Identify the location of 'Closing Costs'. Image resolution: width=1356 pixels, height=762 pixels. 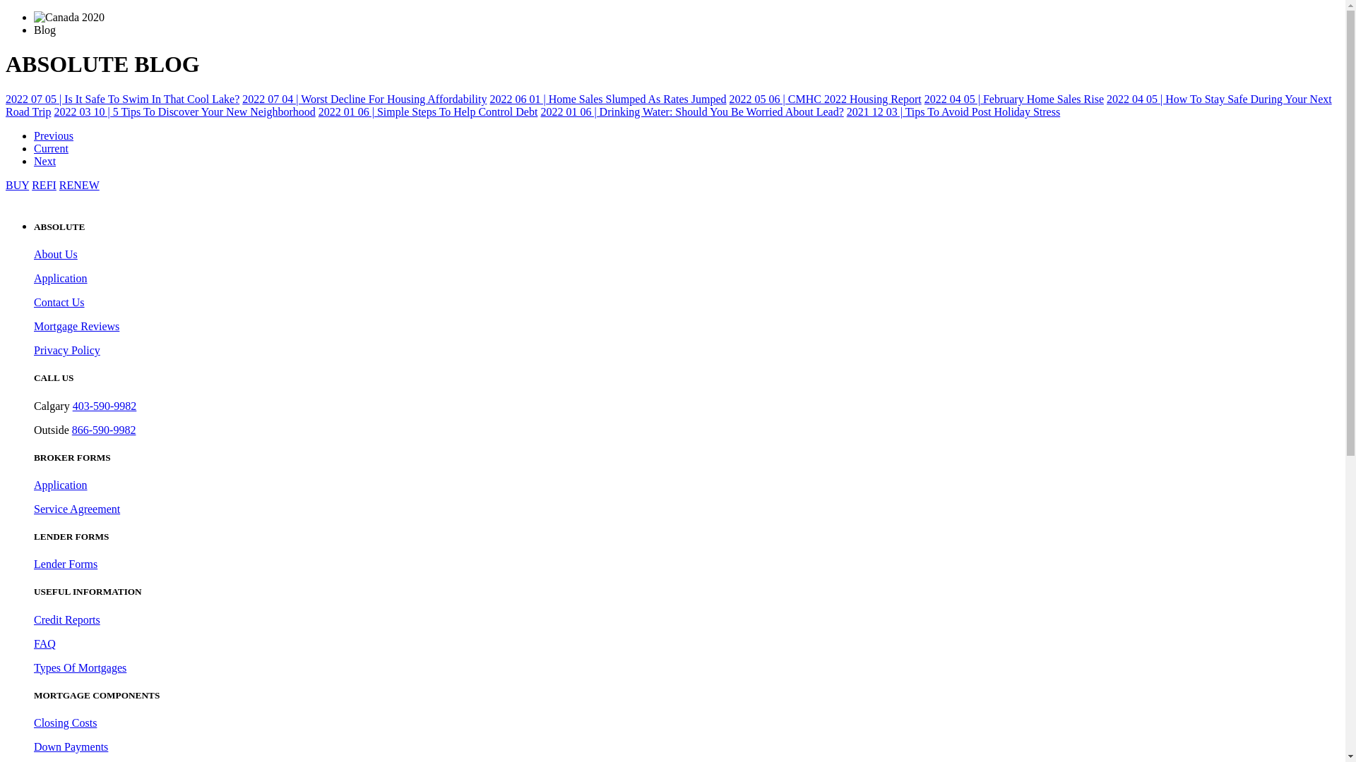
(34, 722).